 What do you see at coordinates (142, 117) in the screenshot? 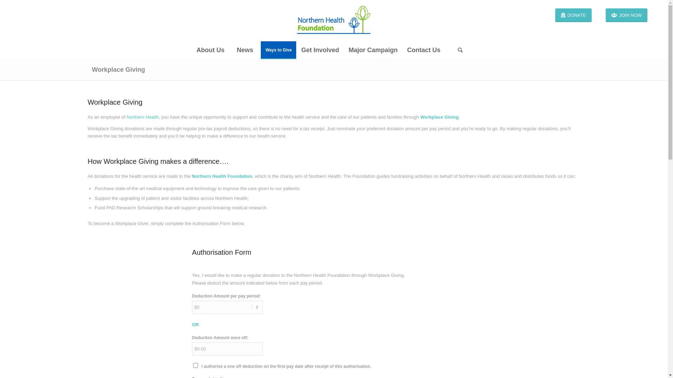
I see `'Northern Health'` at bounding box center [142, 117].